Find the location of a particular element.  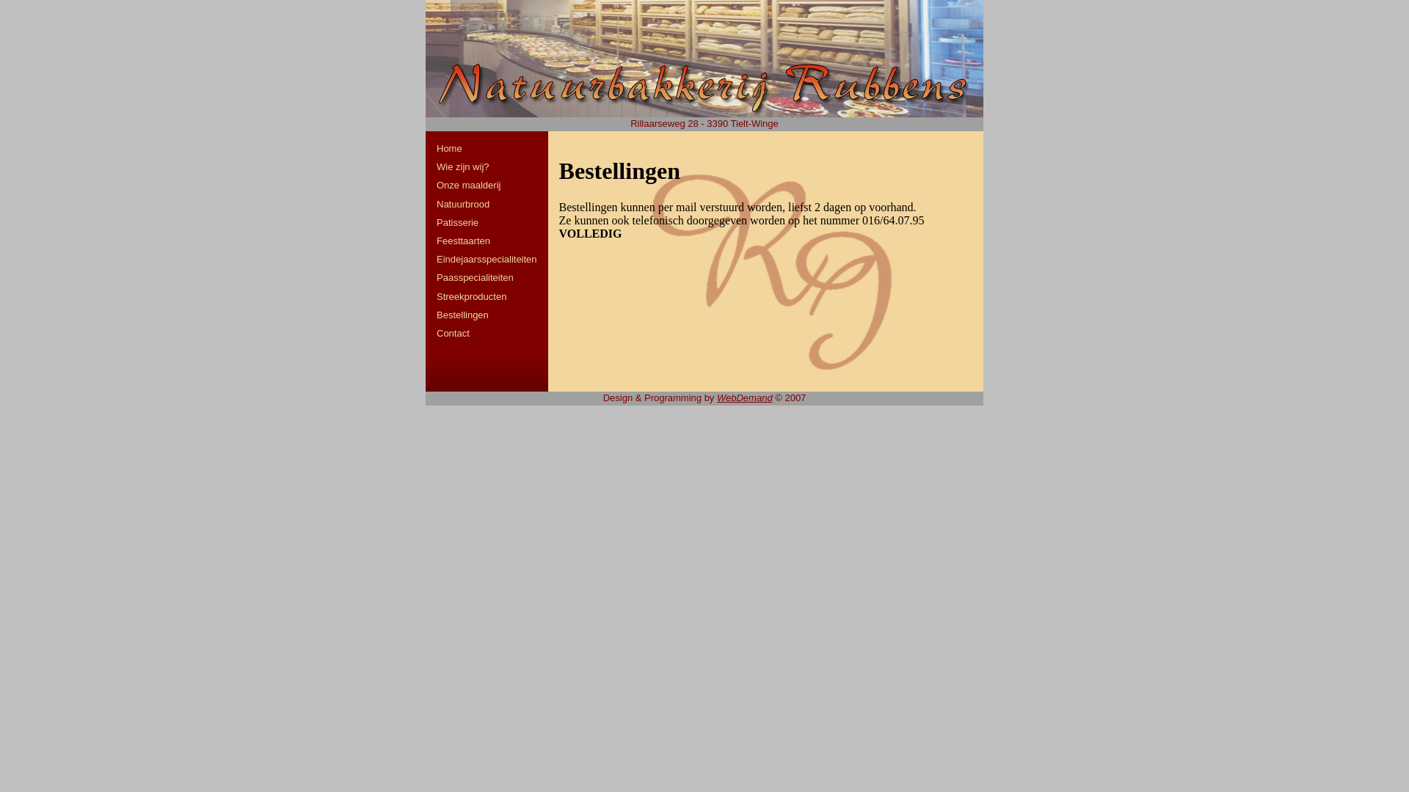

'Eindejaarsspecialiteiten' is located at coordinates (487, 258).